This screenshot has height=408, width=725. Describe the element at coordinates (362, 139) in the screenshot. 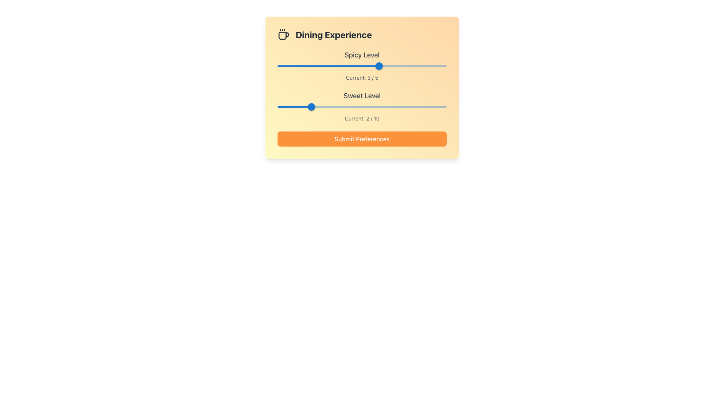

I see `the 'Submit Preferences' button with a bright orange background to observe the hover effect changing its color to a deeper shade of orange` at that location.